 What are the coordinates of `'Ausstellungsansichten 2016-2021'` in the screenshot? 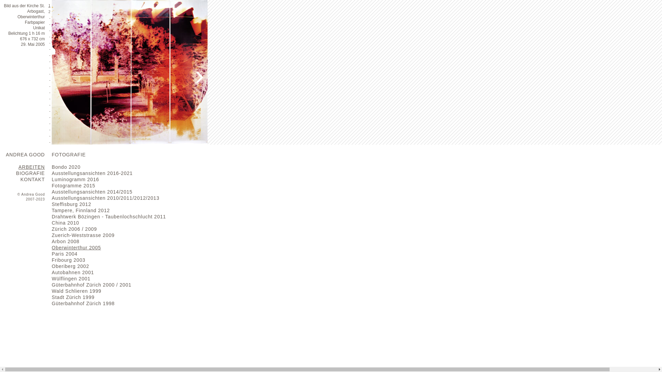 It's located at (92, 173).